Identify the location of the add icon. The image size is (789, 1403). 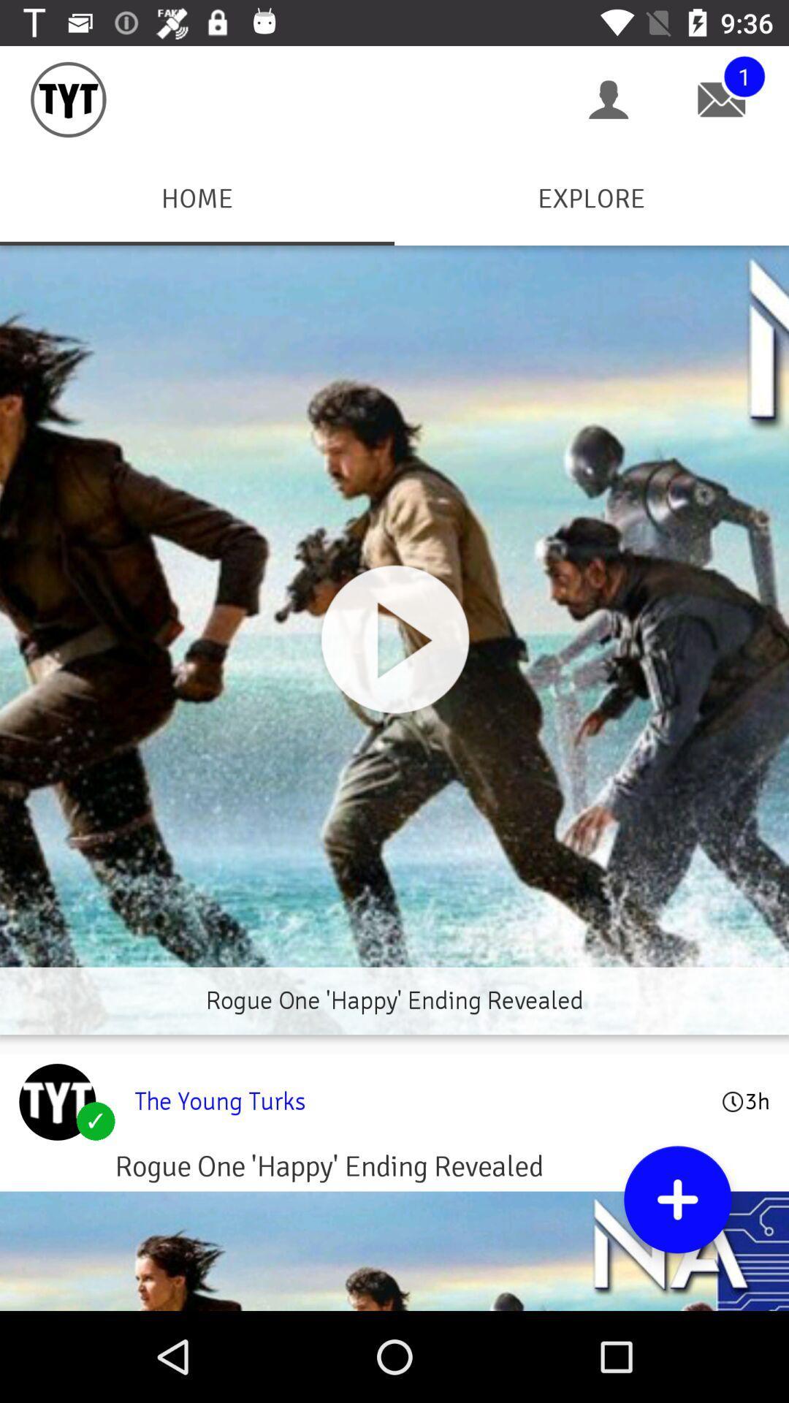
(677, 1199).